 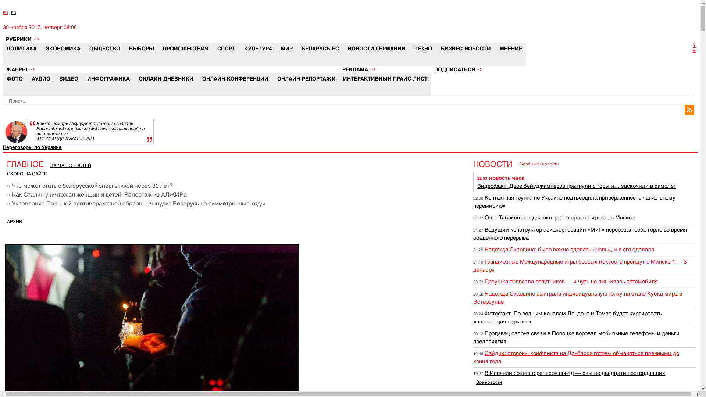 I want to click on '?', so click(x=695, y=45).